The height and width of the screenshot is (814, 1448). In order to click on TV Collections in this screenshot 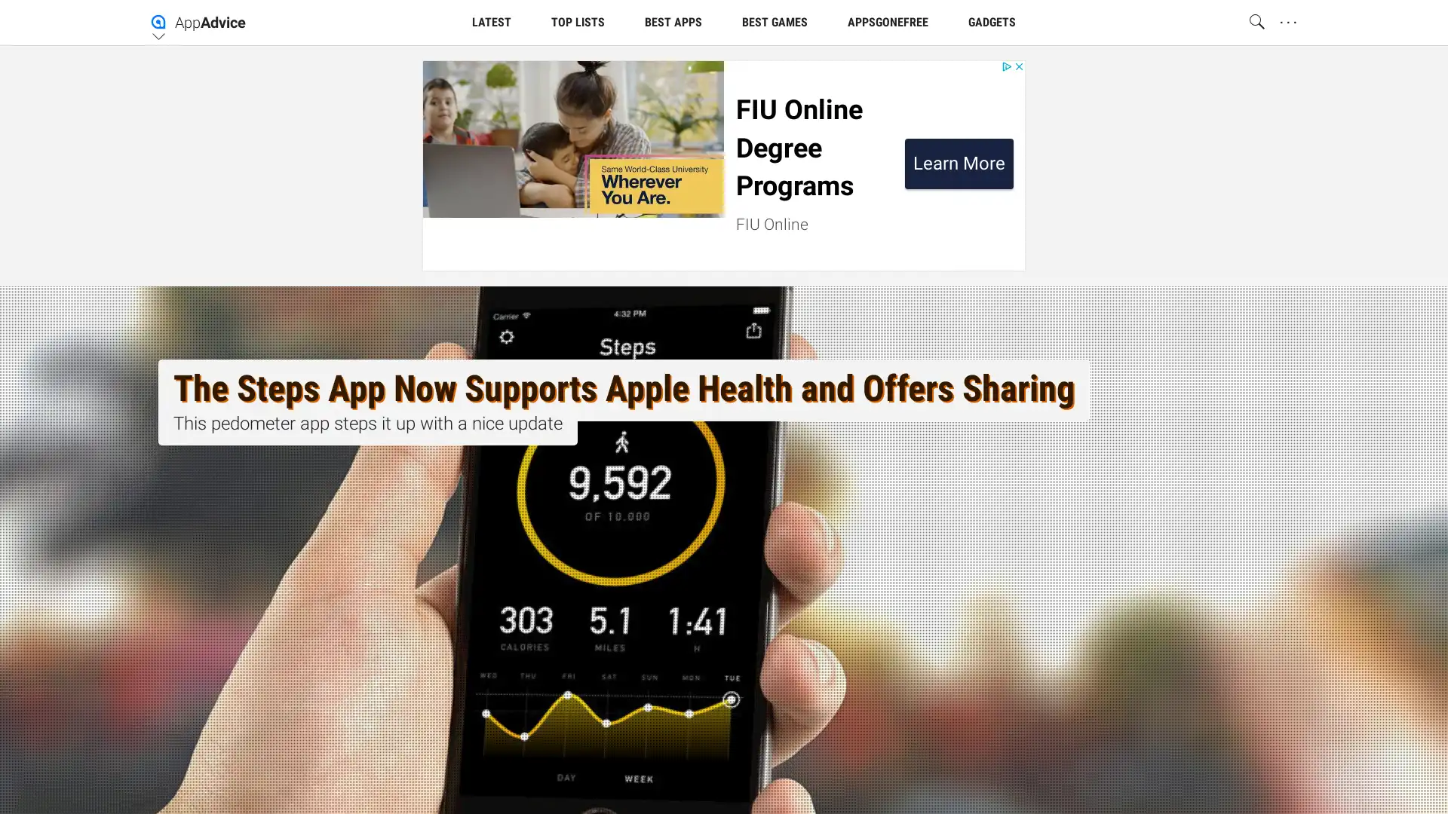, I will do `click(738, 142)`.